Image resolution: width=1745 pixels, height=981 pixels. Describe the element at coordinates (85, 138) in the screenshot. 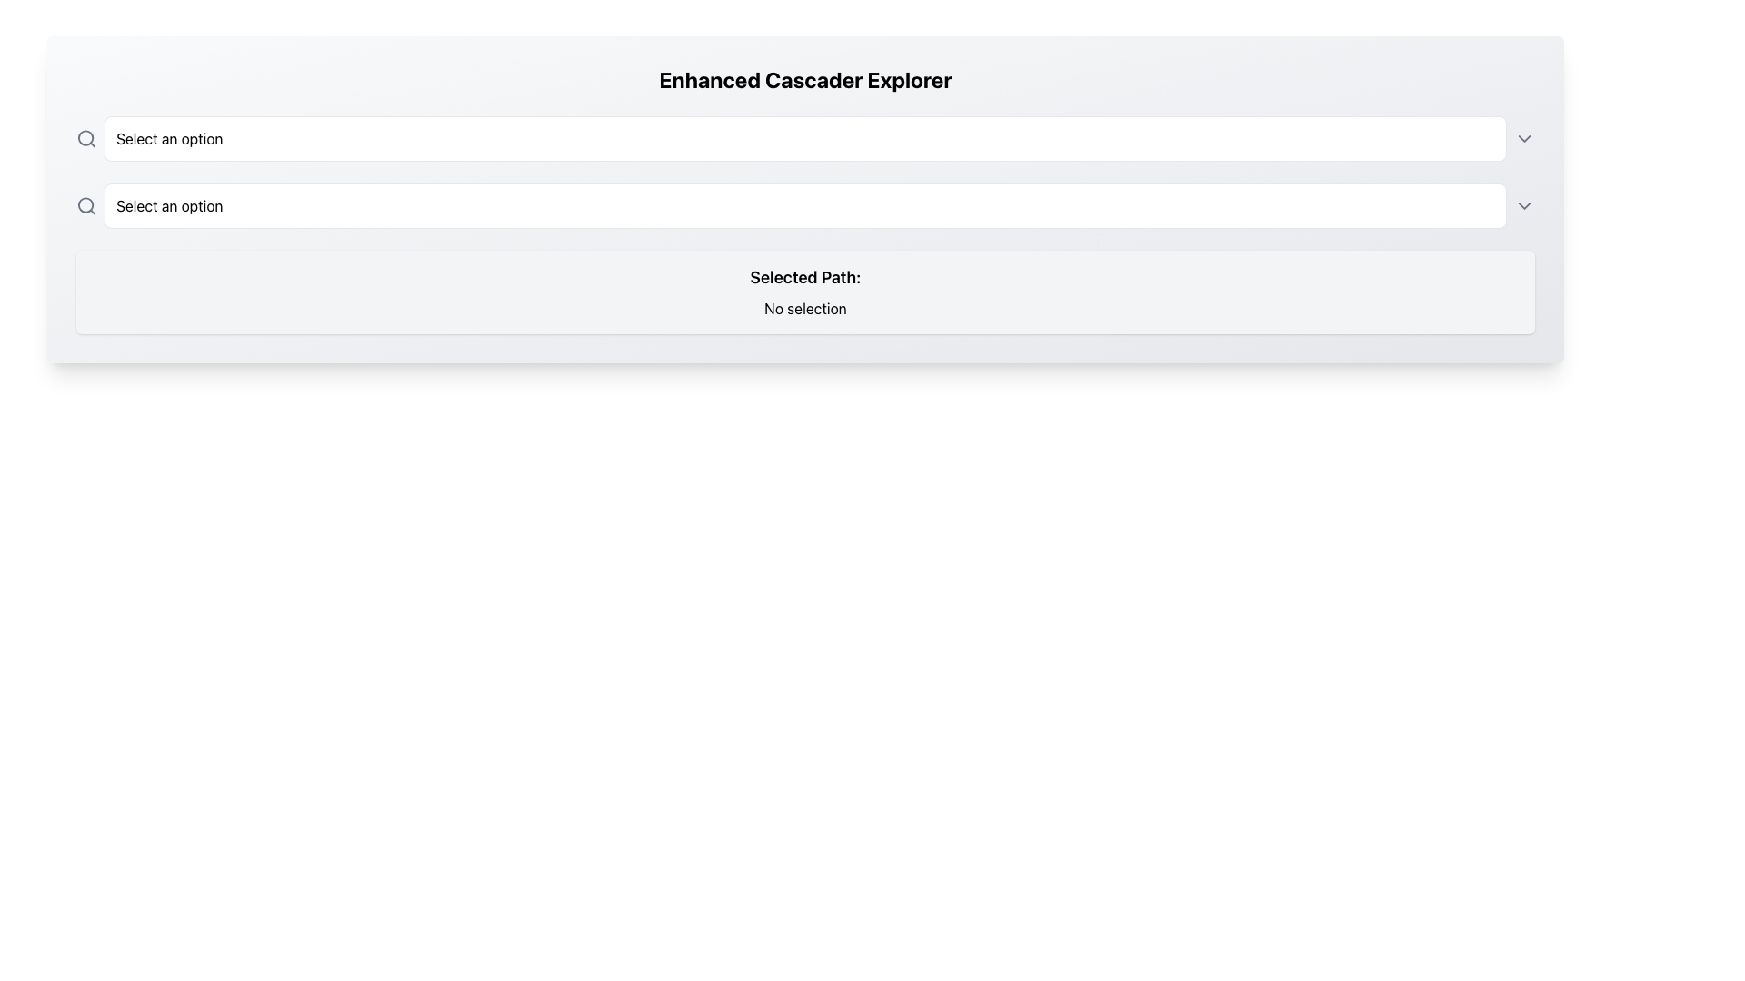

I see `the search icon located to the left of the upper text input field for contextual clues regarding its functionality` at that location.